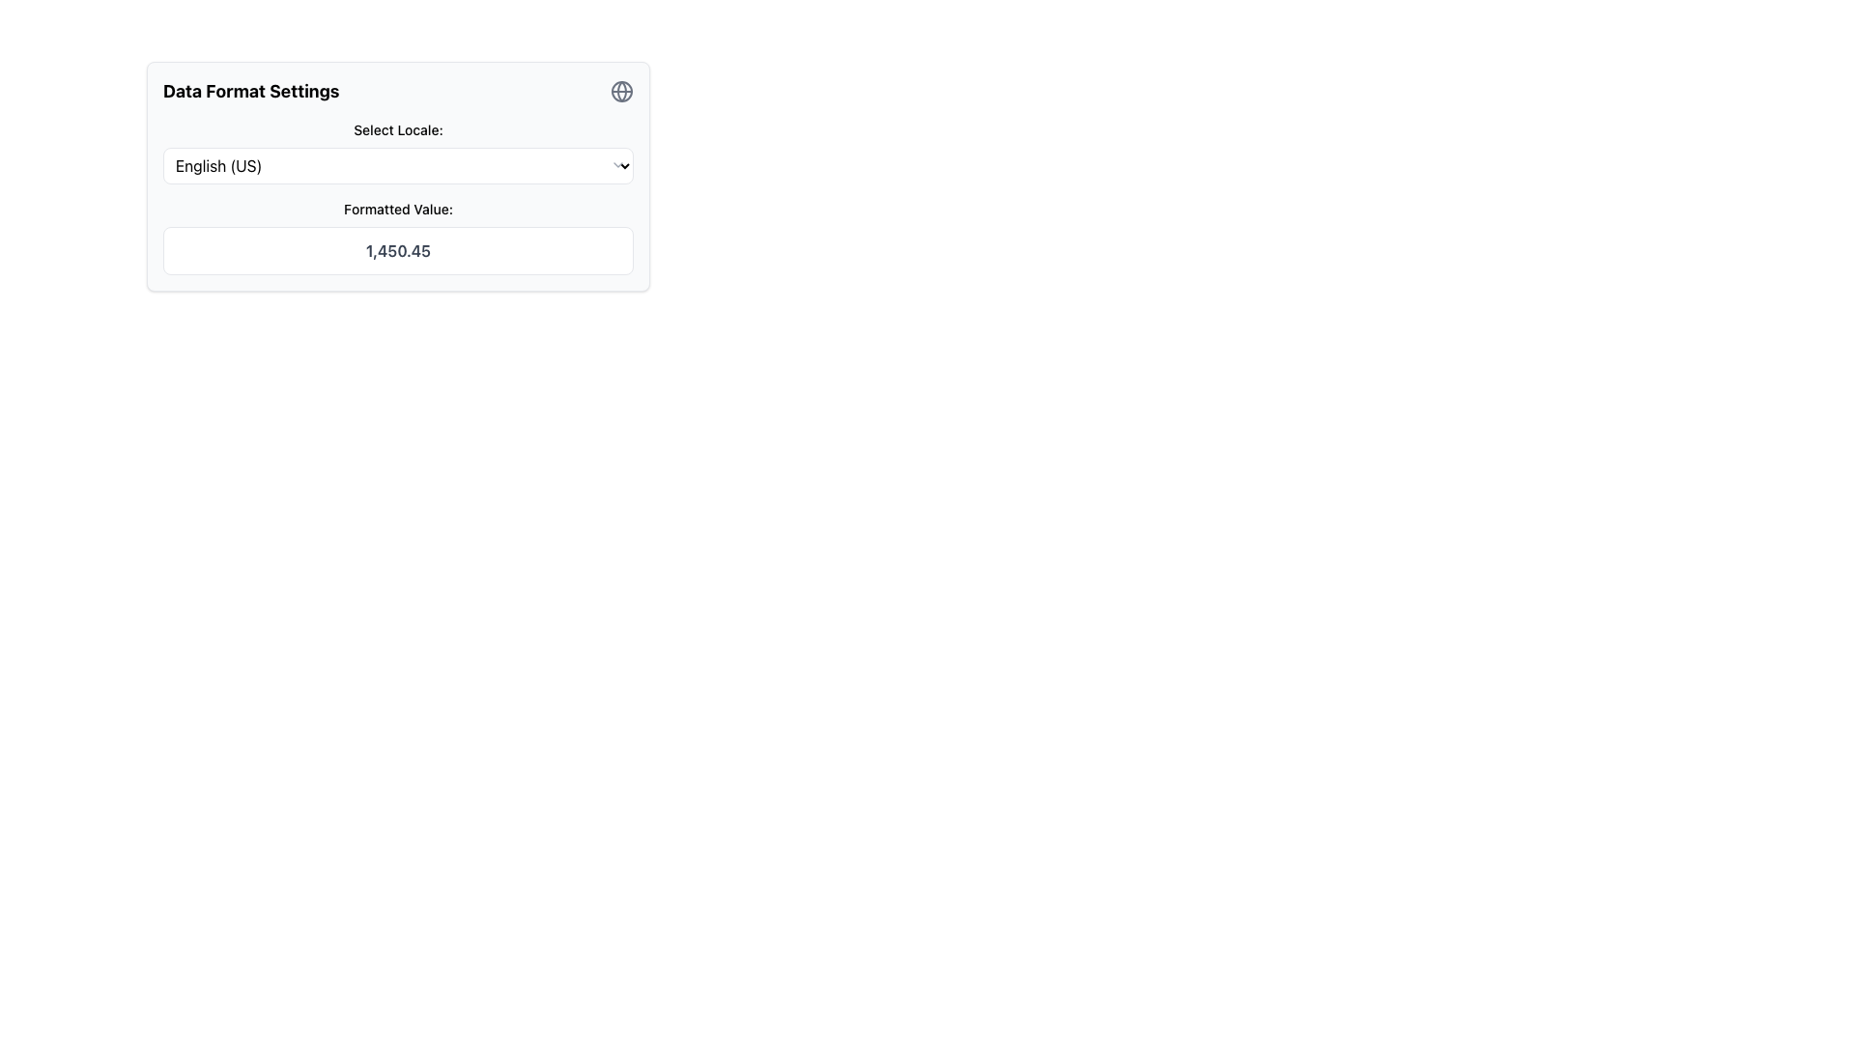  Describe the element at coordinates (397, 152) in the screenshot. I see `the 'Select Locale:' dropdown menu` at that location.